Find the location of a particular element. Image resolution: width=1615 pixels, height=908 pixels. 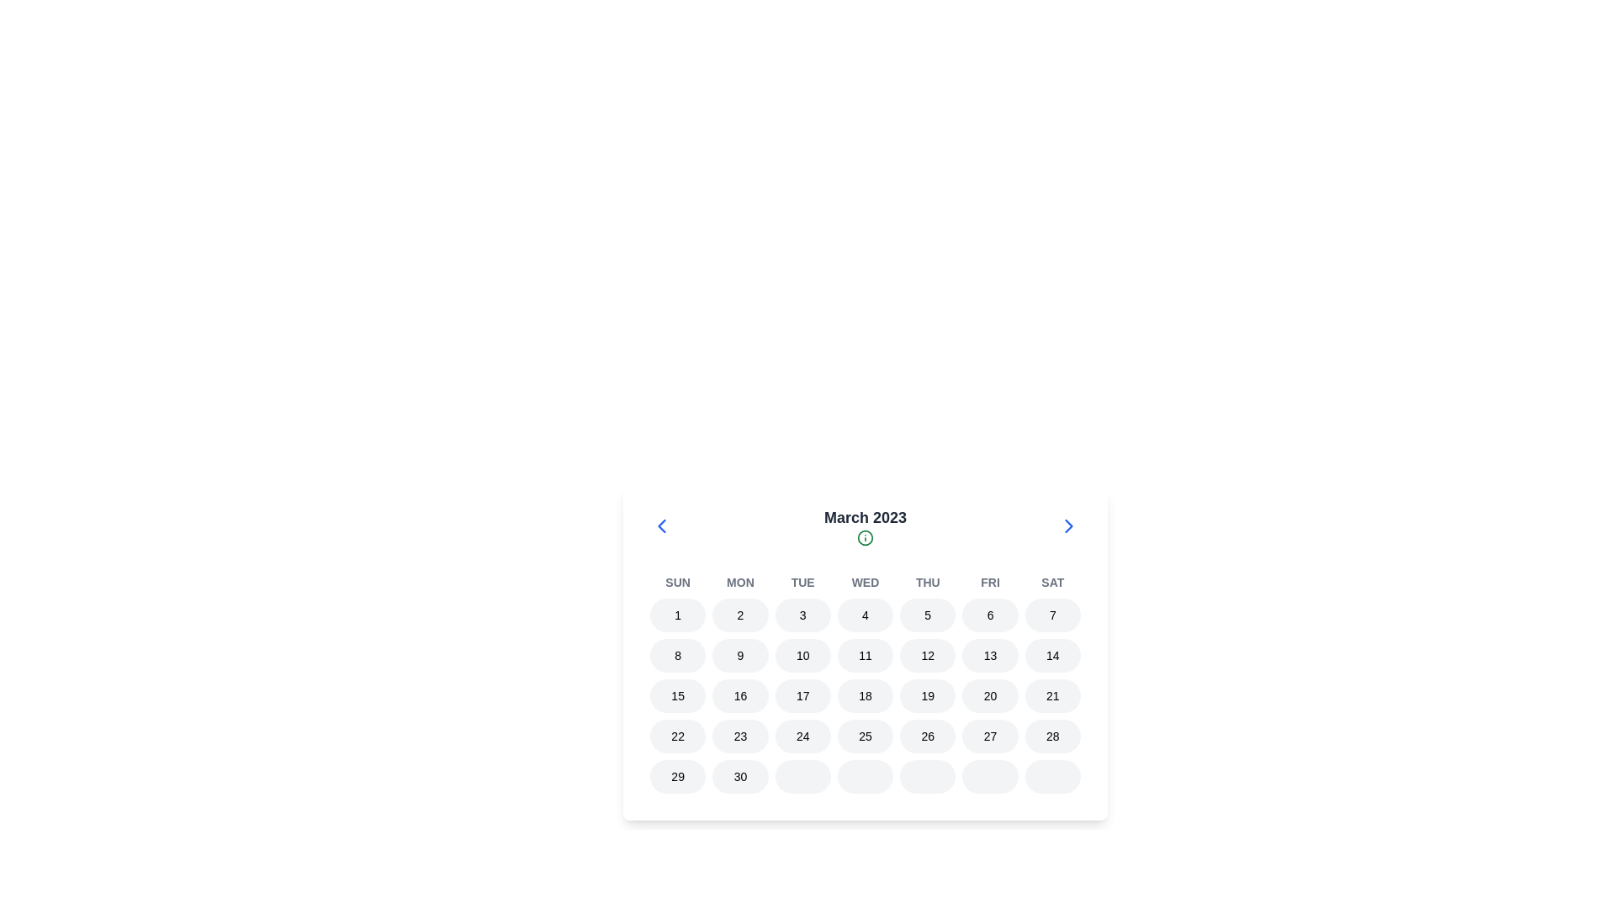

the interactive button or placeholder located in the bottom row of the calendar grid, positioned centrally between the button labeled '30' and a blank button to its right is located at coordinates (865, 777).